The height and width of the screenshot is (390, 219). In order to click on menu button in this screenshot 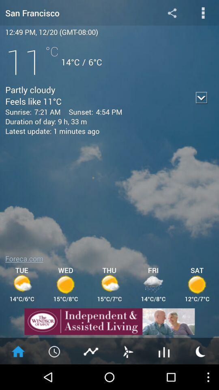, I will do `click(203, 12)`.